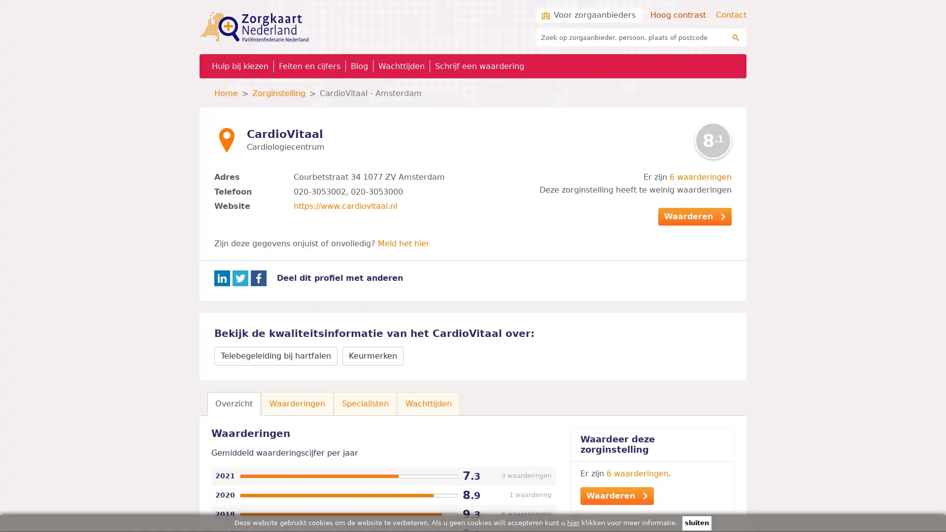 Image resolution: width=946 pixels, height=532 pixels. Describe the element at coordinates (736, 37) in the screenshot. I see `Zoek` at that location.